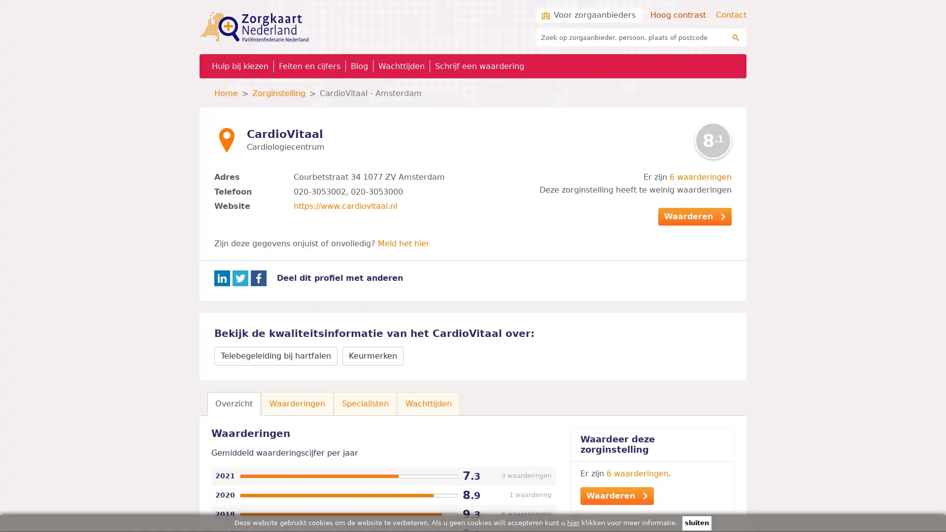 Image resolution: width=946 pixels, height=532 pixels. Describe the element at coordinates (736, 37) in the screenshot. I see `Zoek` at that location.